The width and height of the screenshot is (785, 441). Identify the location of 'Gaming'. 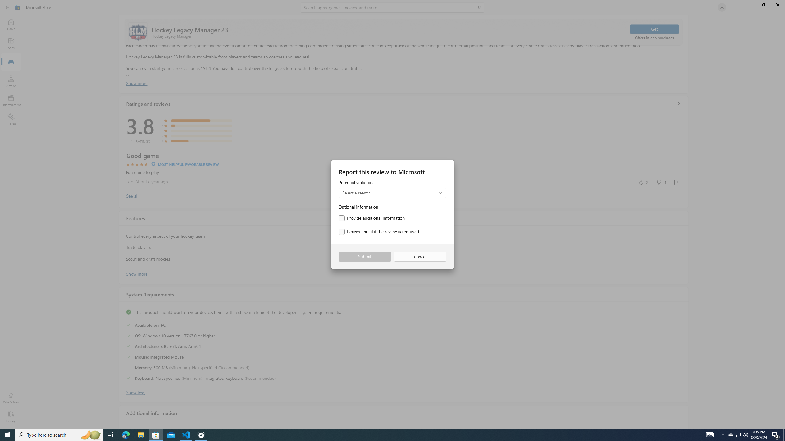
(10, 62).